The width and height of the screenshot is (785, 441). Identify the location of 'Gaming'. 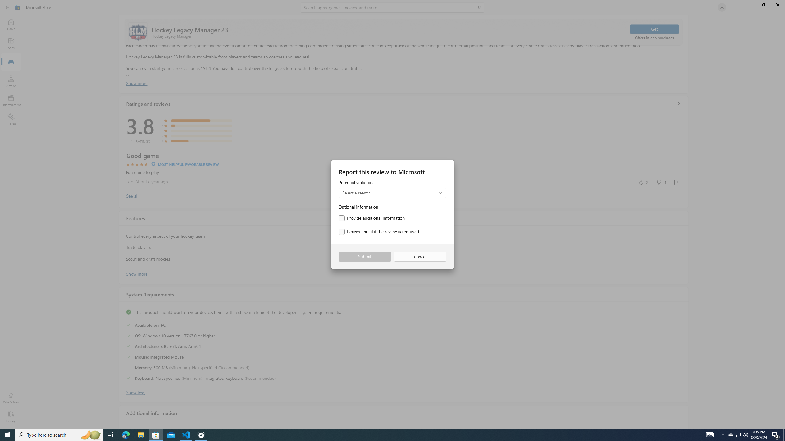
(10, 62).